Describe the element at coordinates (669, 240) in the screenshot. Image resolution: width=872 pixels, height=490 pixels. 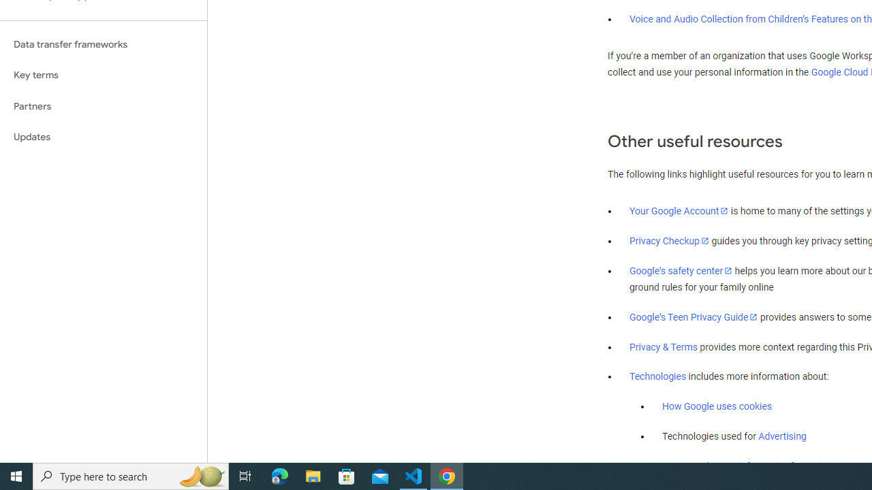
I see `'Privacy Checkup'` at that location.